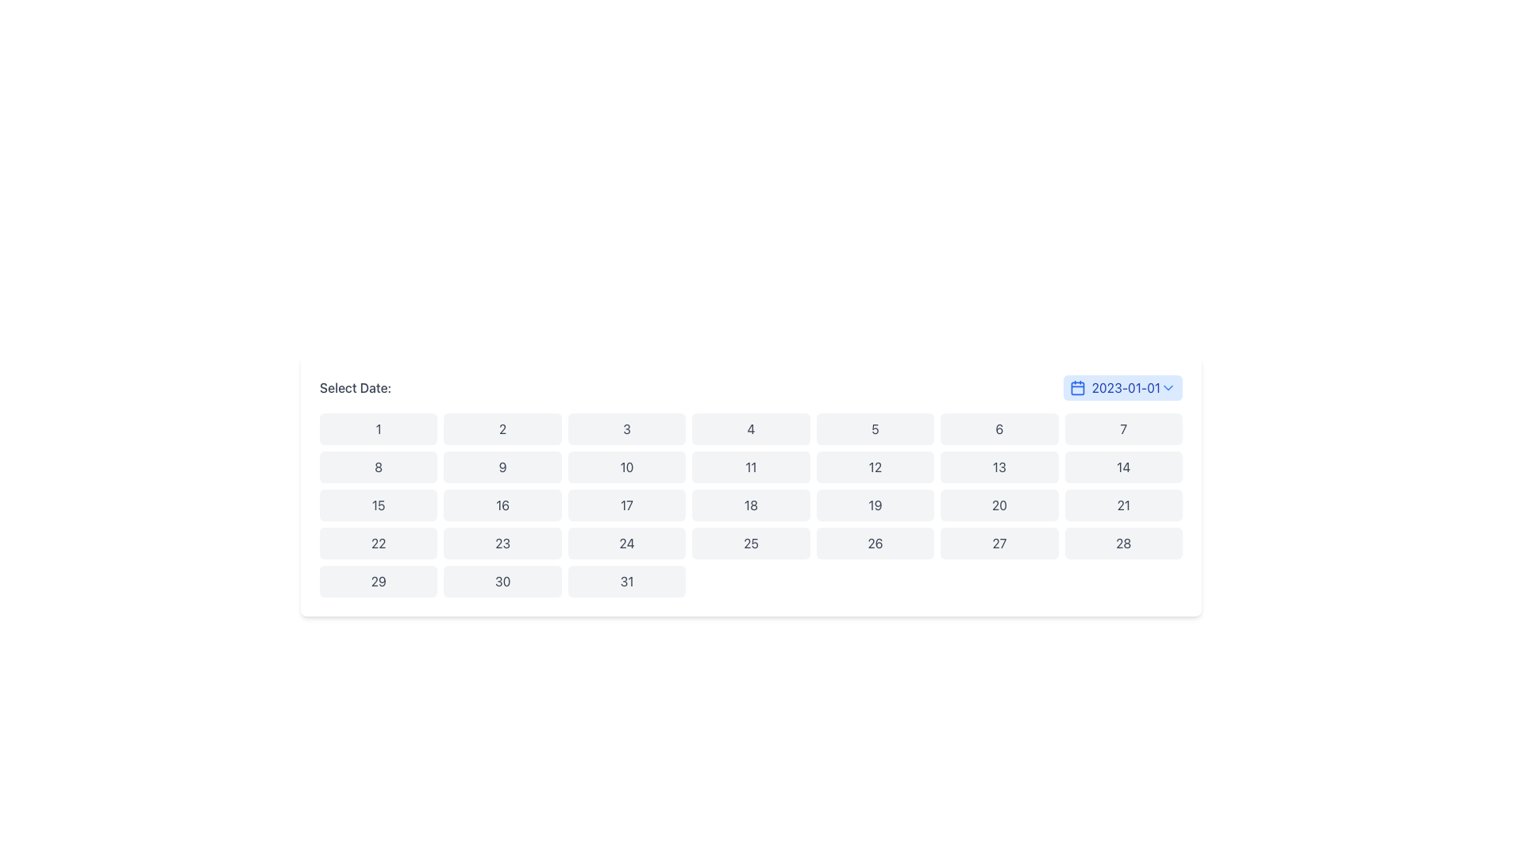  I want to click on the button displaying the number '29', so click(378, 581).